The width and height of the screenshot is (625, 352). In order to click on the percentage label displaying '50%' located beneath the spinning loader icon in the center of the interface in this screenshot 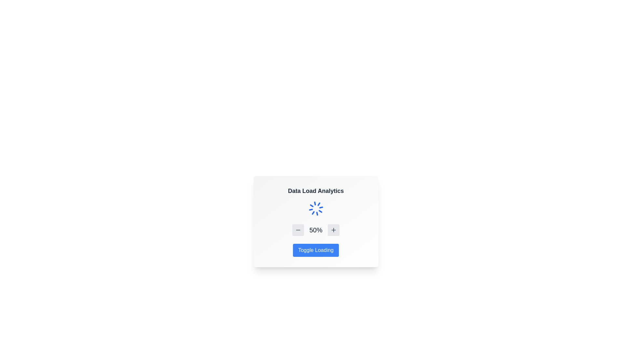, I will do `click(316, 229)`.